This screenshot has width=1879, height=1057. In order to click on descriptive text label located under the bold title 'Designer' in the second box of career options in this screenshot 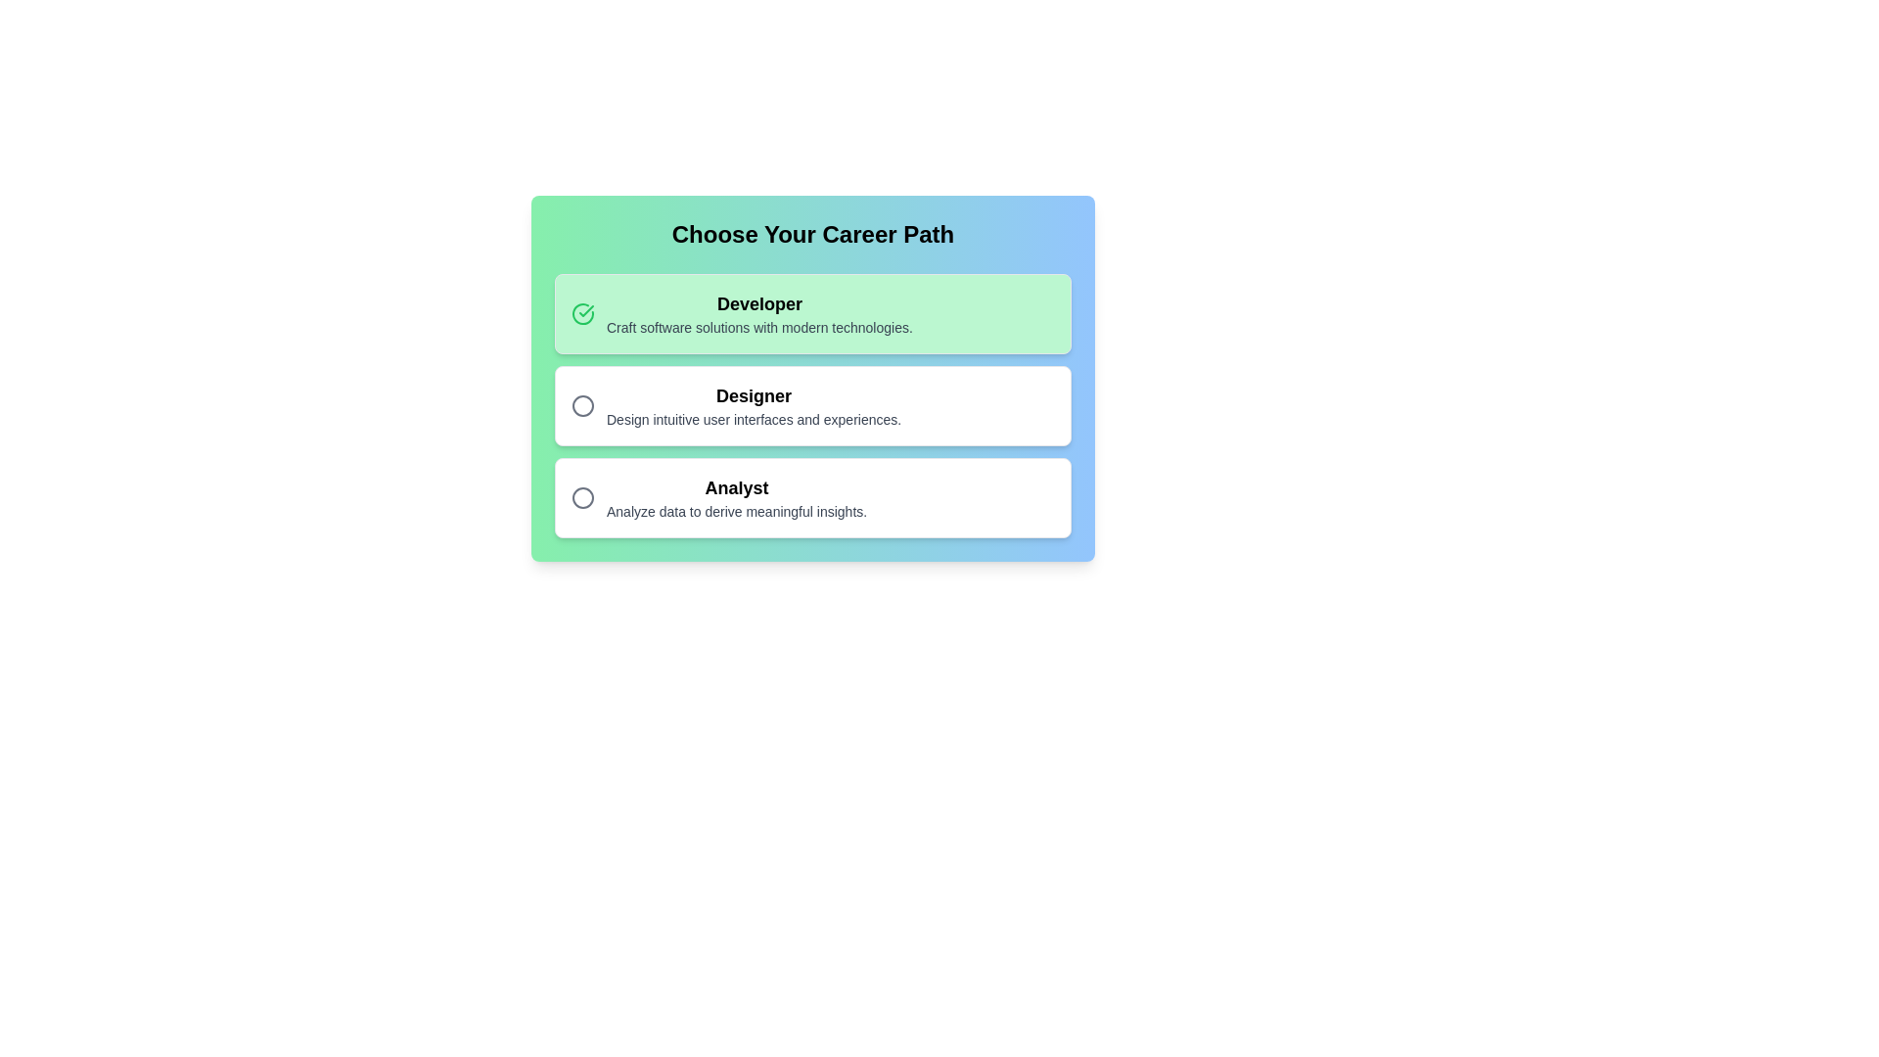, I will do `click(753, 418)`.